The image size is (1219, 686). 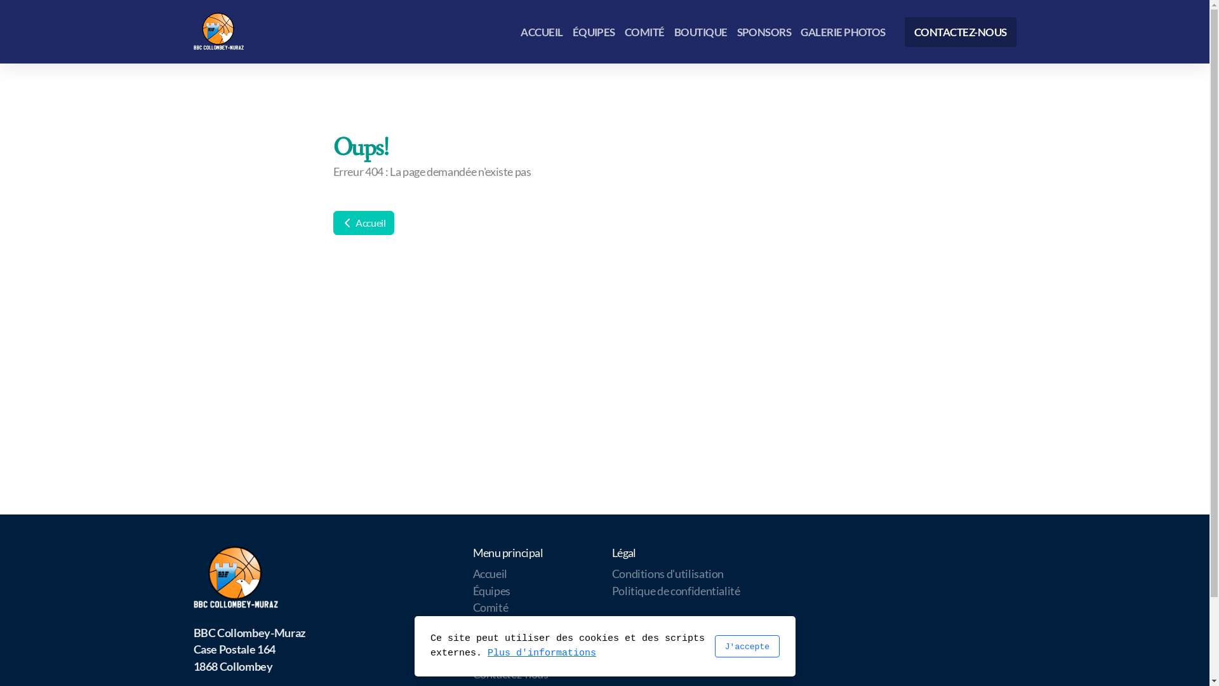 I want to click on 'BOUTIQUE', so click(x=700, y=30).